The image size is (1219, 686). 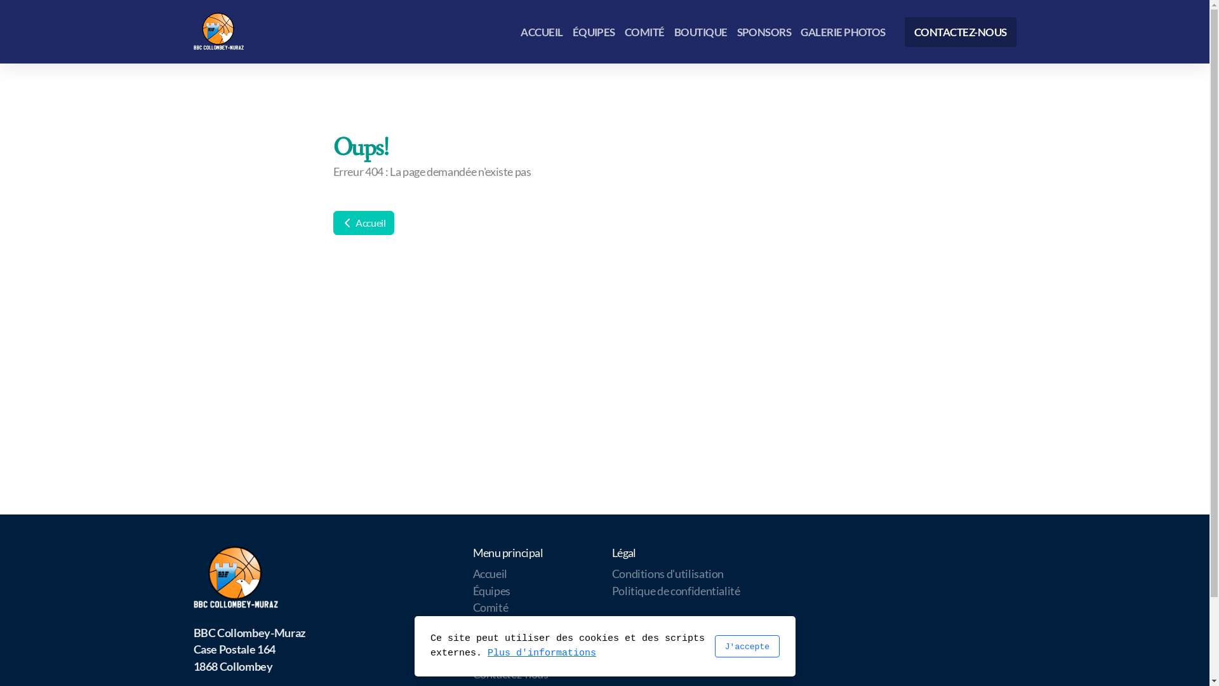 I want to click on 'BOUTIQUE', so click(x=700, y=30).